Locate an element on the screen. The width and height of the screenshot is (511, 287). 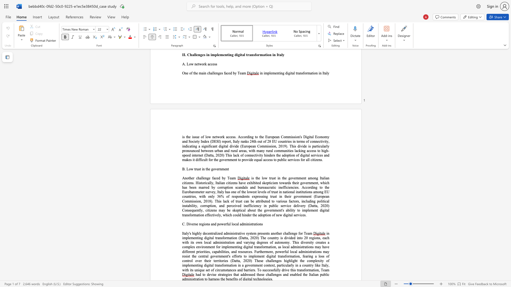
the subset text "vernm" within the text "B. Low trust in the government" is located at coordinates (215, 169).